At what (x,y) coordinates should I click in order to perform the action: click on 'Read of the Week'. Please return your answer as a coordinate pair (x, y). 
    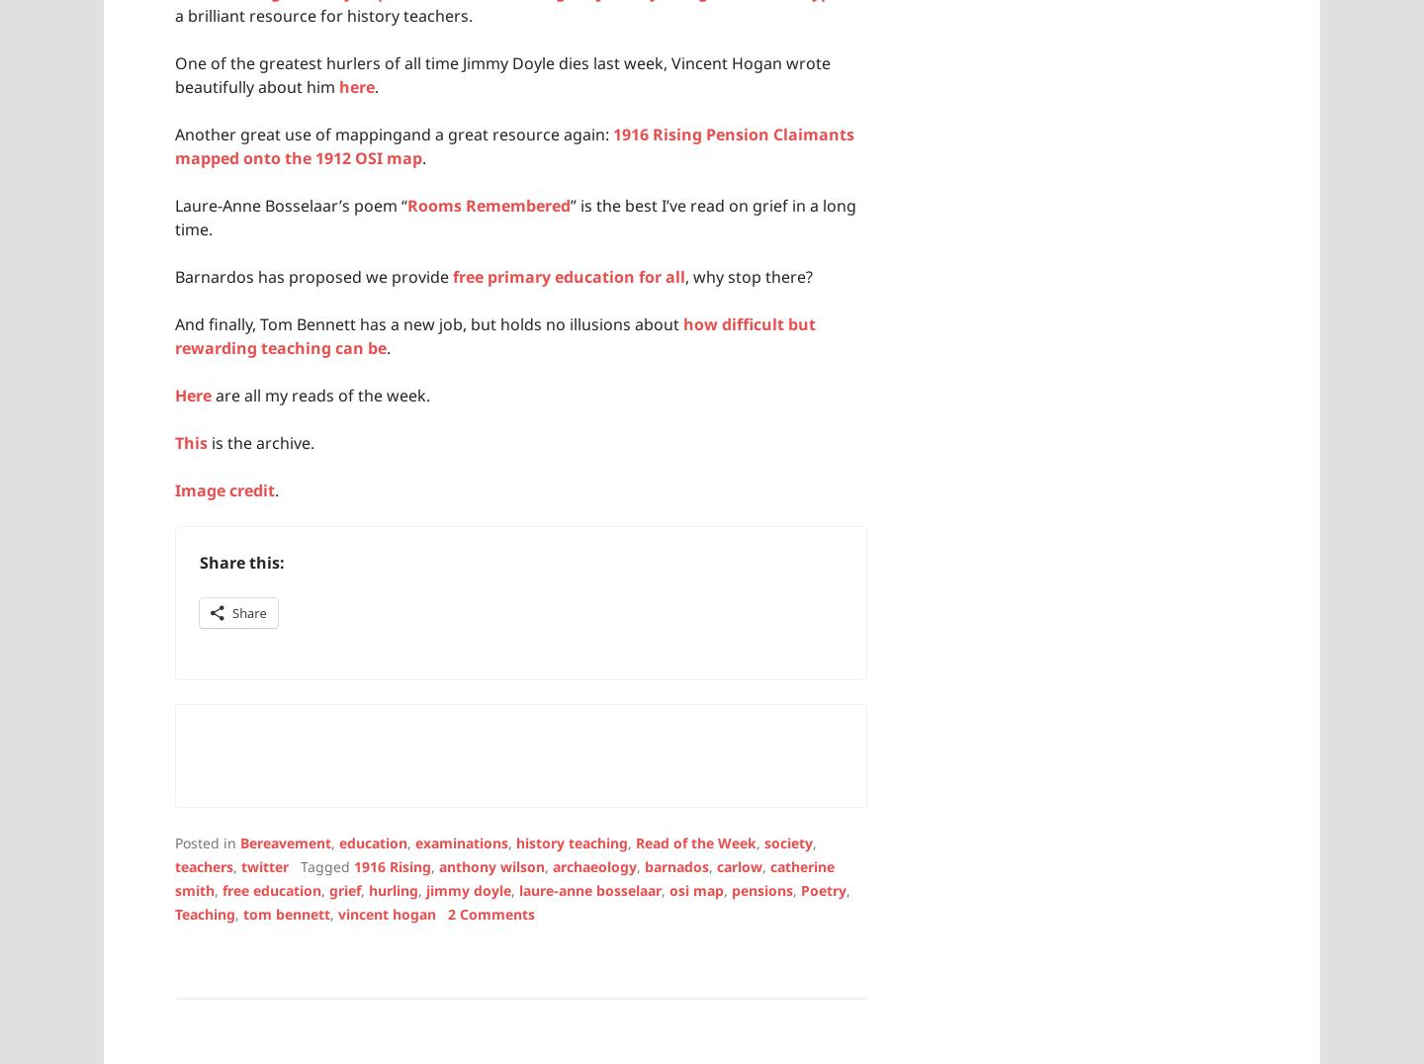
    Looking at the image, I should click on (696, 841).